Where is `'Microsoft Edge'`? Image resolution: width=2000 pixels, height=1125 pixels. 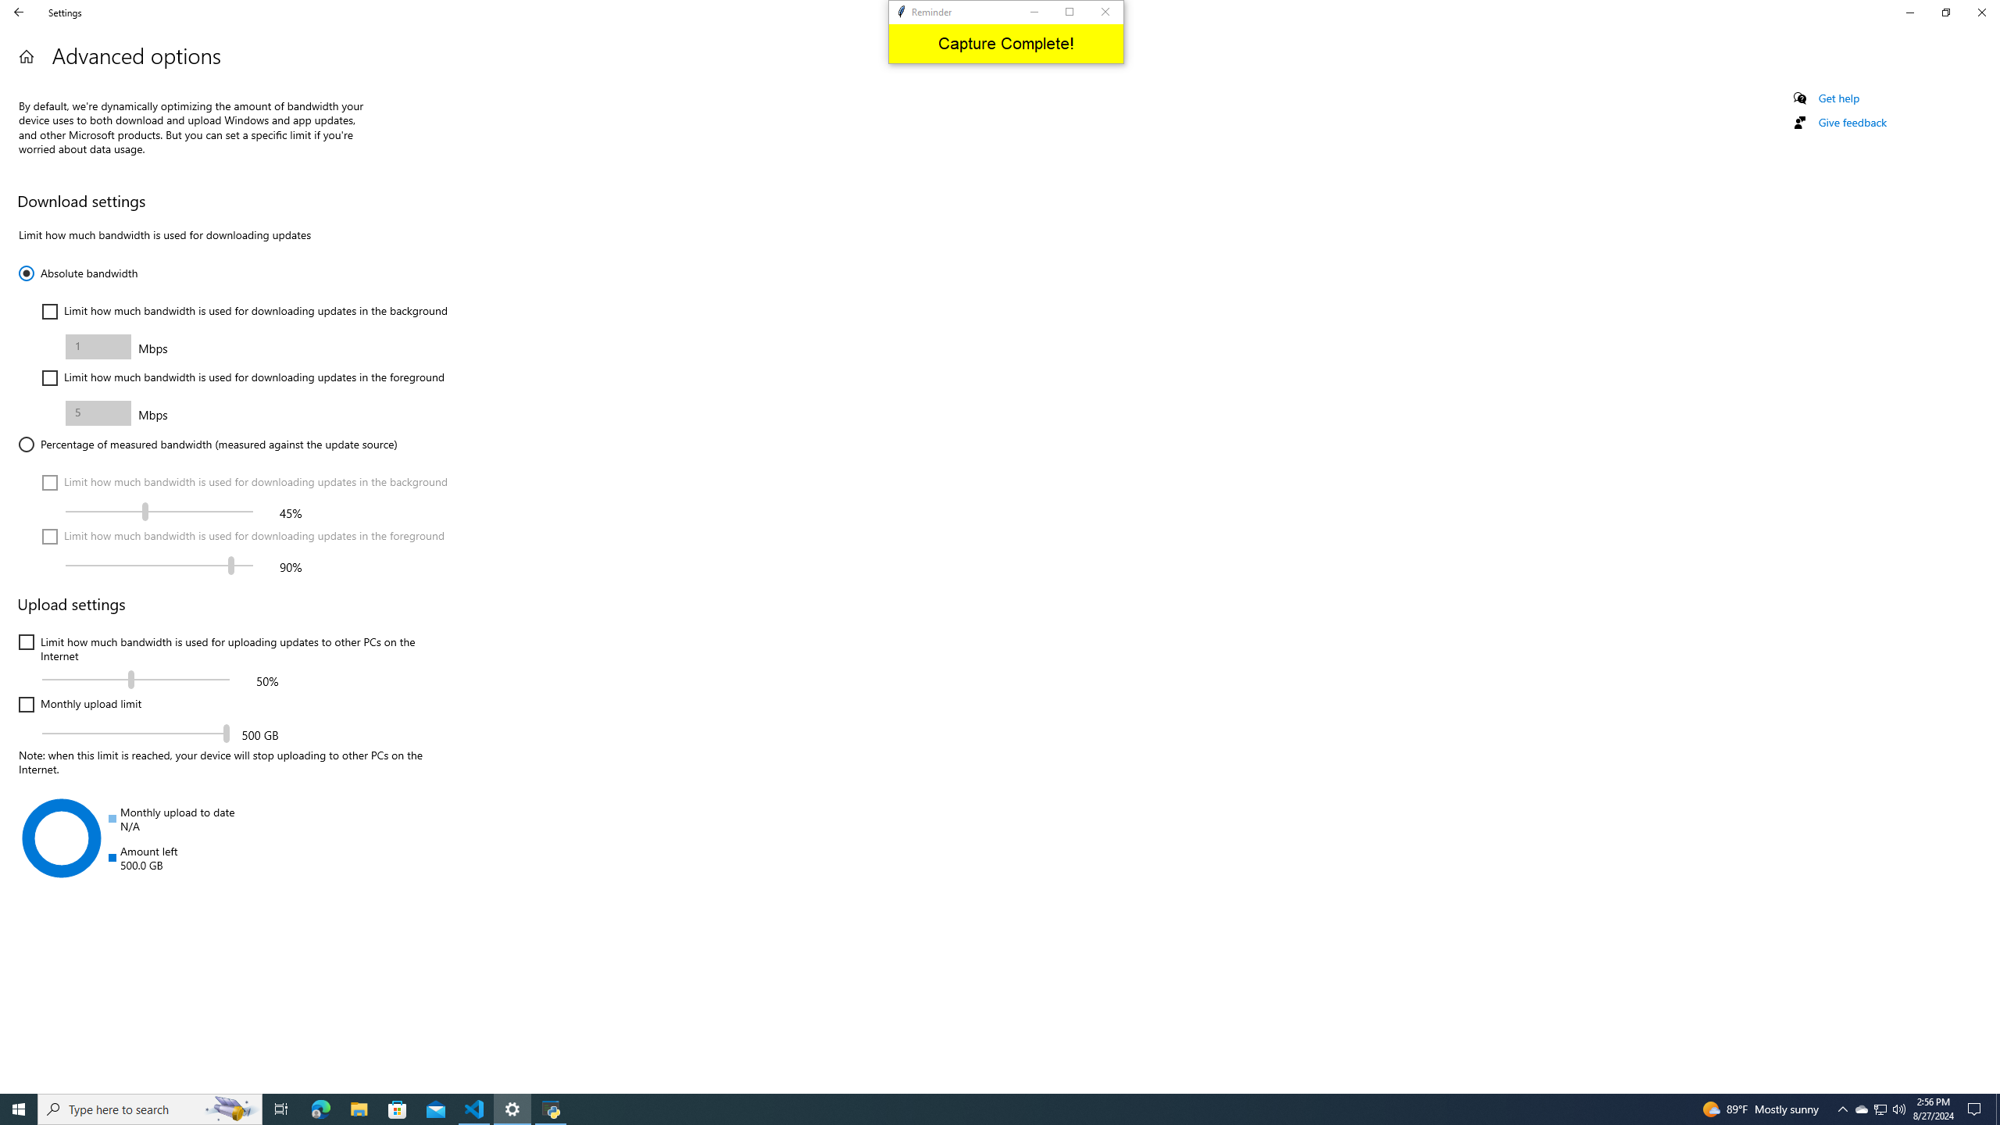 'Microsoft Edge' is located at coordinates (358, 1108).